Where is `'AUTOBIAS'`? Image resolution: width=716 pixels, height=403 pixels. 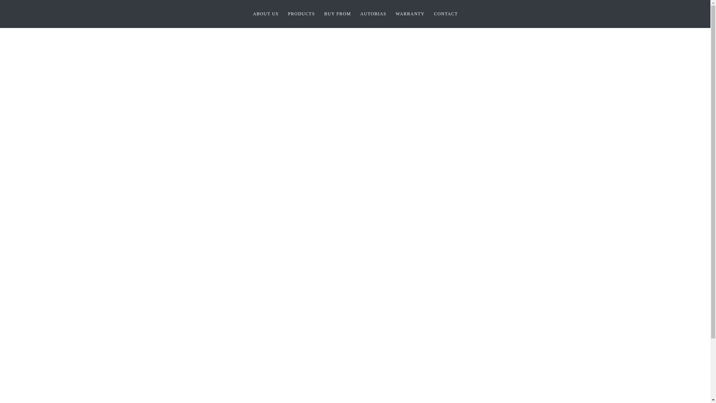 'AUTOBIAS' is located at coordinates (373, 14).